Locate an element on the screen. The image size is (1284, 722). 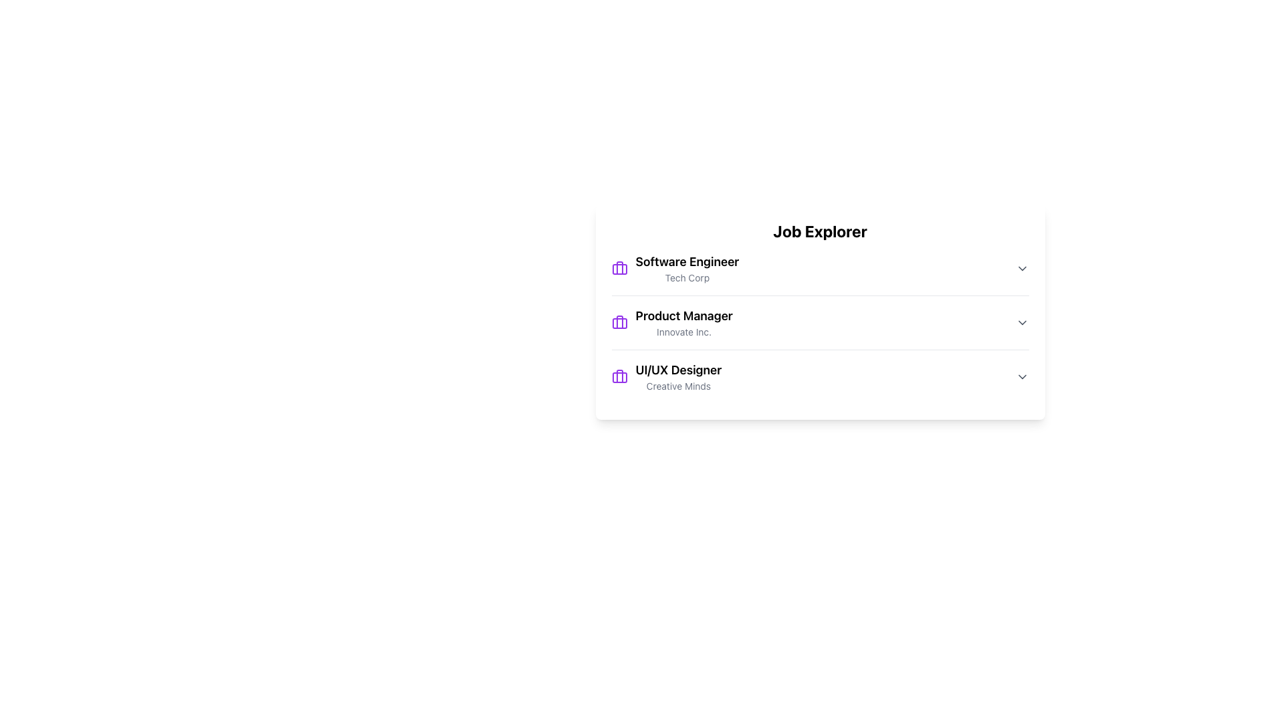
the text label displaying 'Tech Corp', which is styled in gray and positioned below the title 'Software Engineer' in the Job Explorer section is located at coordinates (687, 277).